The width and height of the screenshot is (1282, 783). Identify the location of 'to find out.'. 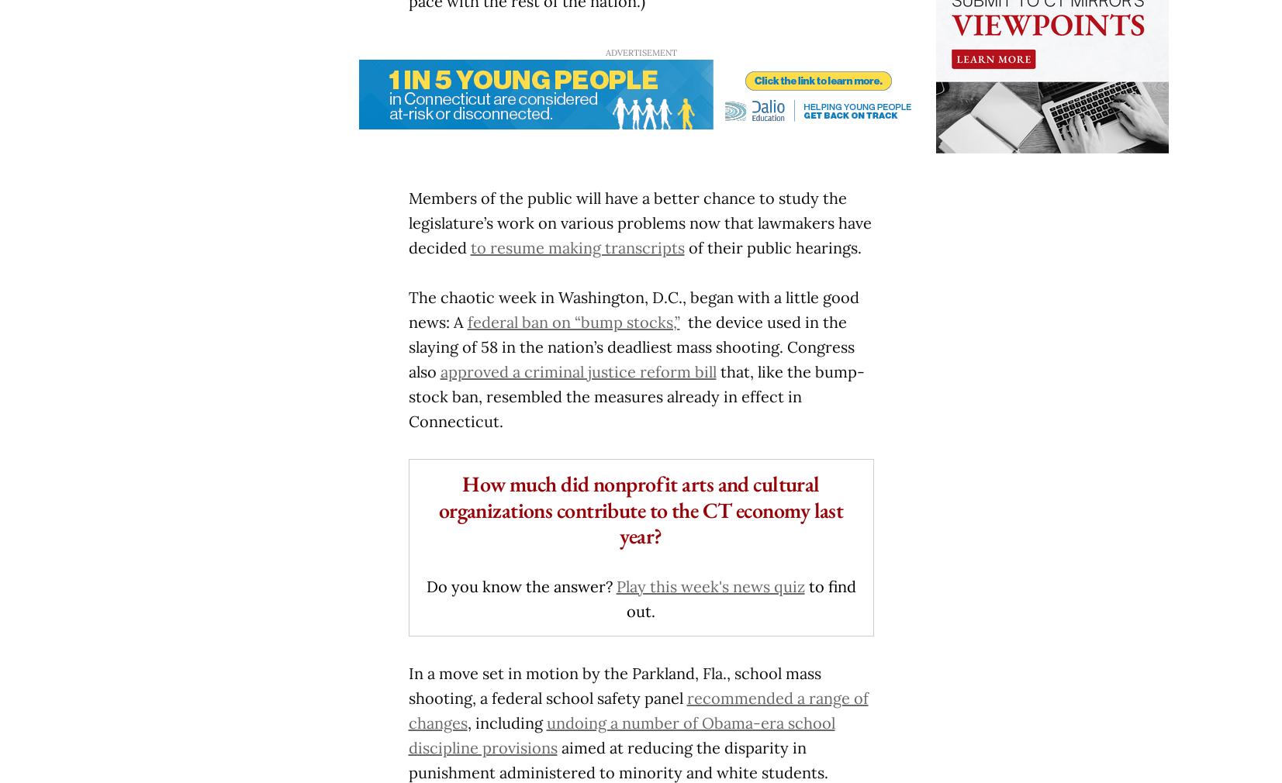
(741, 598).